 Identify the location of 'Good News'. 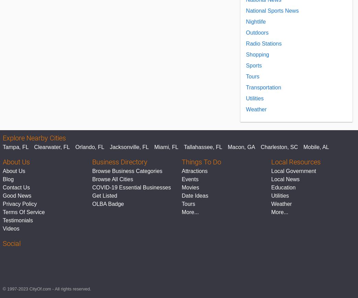
(16, 195).